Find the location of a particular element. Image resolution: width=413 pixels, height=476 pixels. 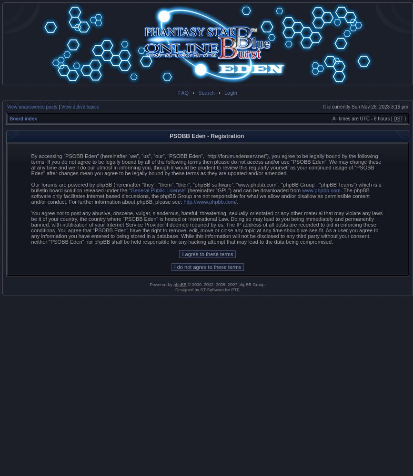

'PSOBB Eden - Registration' is located at coordinates (207, 136).